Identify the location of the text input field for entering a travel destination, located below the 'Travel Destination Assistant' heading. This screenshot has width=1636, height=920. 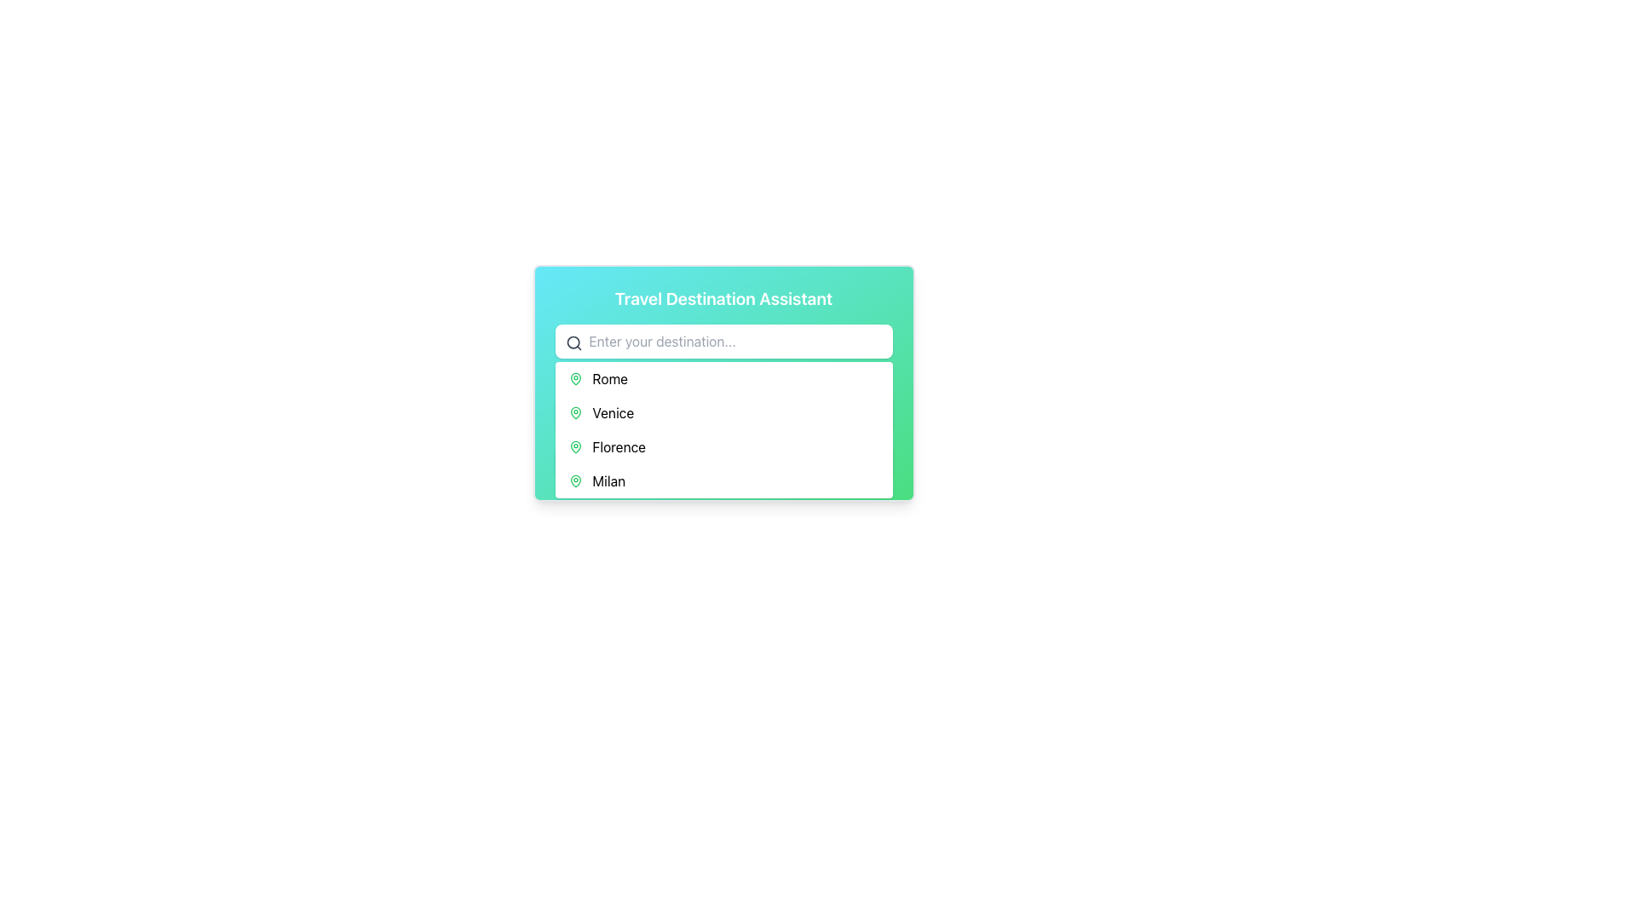
(723, 342).